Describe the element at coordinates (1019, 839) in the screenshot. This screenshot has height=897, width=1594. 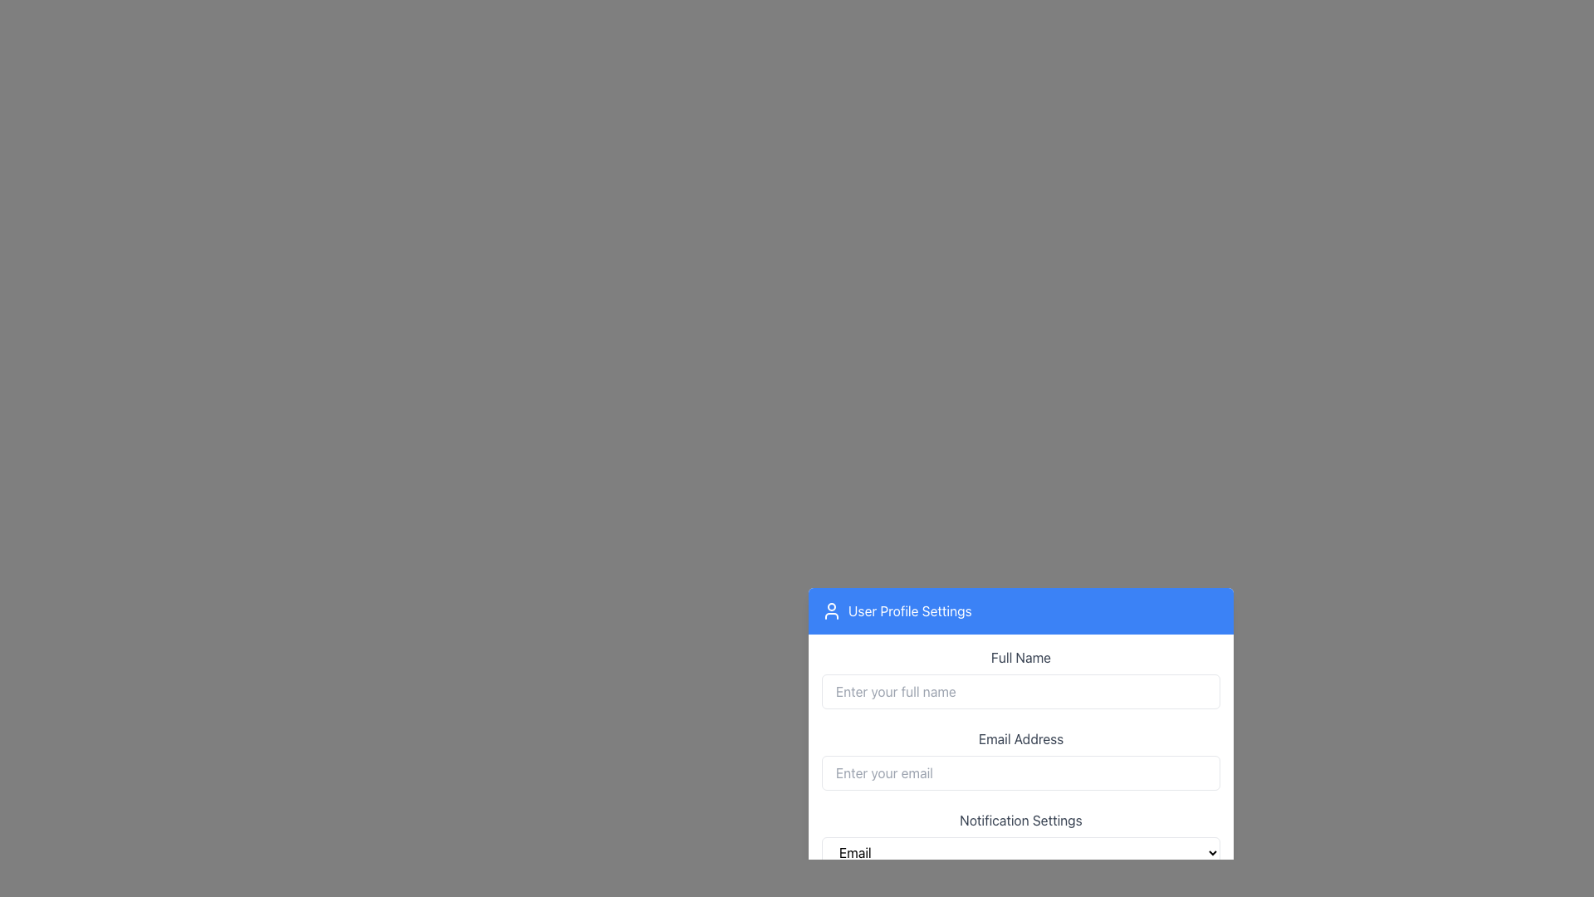
I see `the 'Notification Settings' dropdown menu to trigger focus effects` at that location.